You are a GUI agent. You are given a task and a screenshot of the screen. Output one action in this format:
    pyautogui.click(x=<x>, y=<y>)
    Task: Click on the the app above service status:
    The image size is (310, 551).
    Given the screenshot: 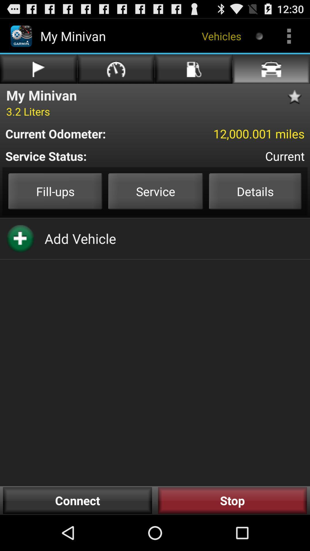 What is the action you would take?
    pyautogui.click(x=232, y=133)
    